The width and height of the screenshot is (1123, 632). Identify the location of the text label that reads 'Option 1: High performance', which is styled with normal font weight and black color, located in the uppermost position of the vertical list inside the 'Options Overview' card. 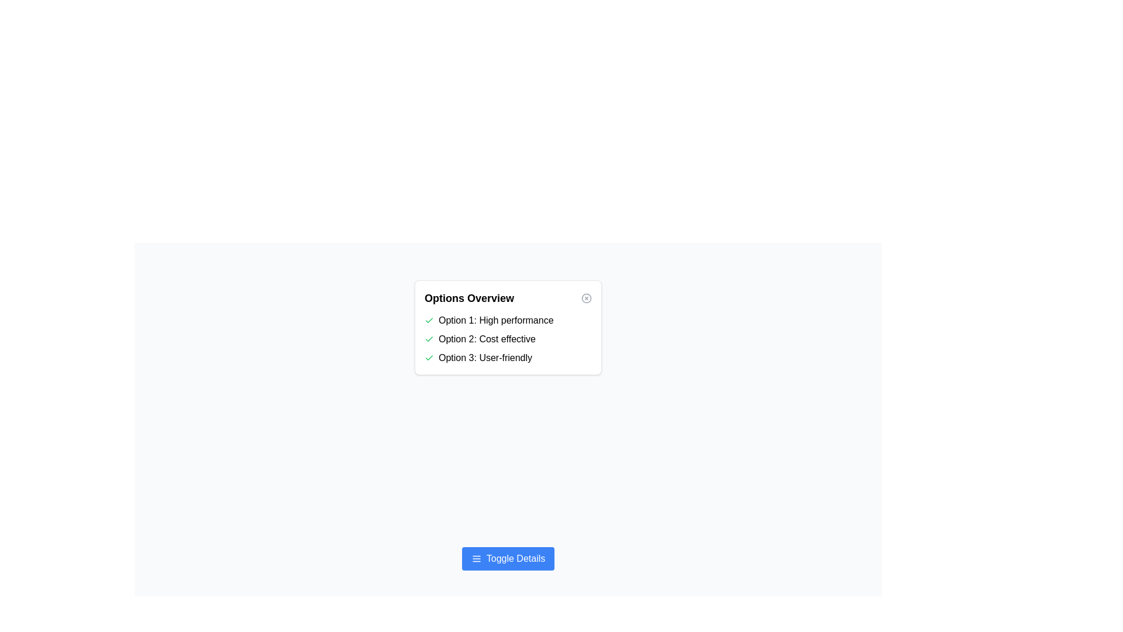
(496, 320).